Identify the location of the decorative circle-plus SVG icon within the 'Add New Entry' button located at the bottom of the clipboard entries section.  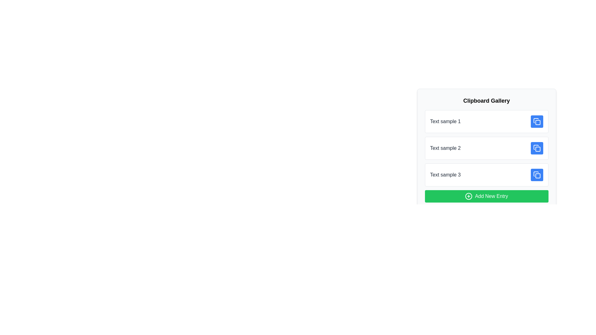
(469, 196).